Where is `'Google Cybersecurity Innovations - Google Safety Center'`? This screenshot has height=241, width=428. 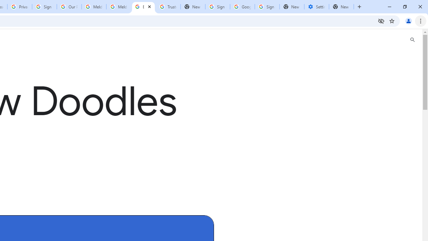 'Google Cybersecurity Innovations - Google Safety Center' is located at coordinates (242, 7).